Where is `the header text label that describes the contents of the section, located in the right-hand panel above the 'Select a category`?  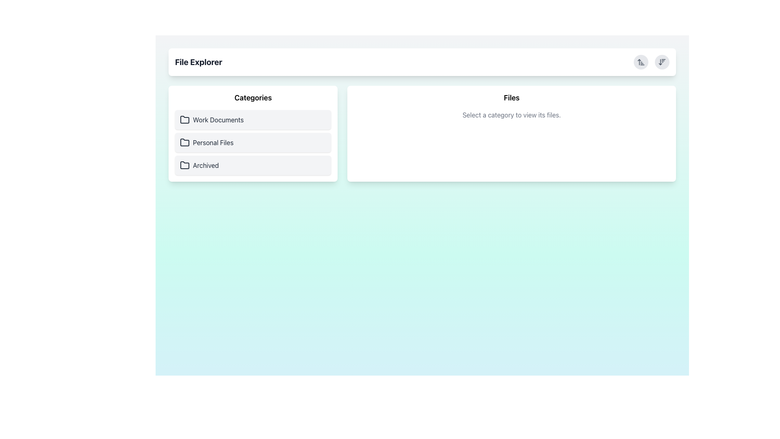
the header text label that describes the contents of the section, located in the right-hand panel above the 'Select a category is located at coordinates (511, 97).